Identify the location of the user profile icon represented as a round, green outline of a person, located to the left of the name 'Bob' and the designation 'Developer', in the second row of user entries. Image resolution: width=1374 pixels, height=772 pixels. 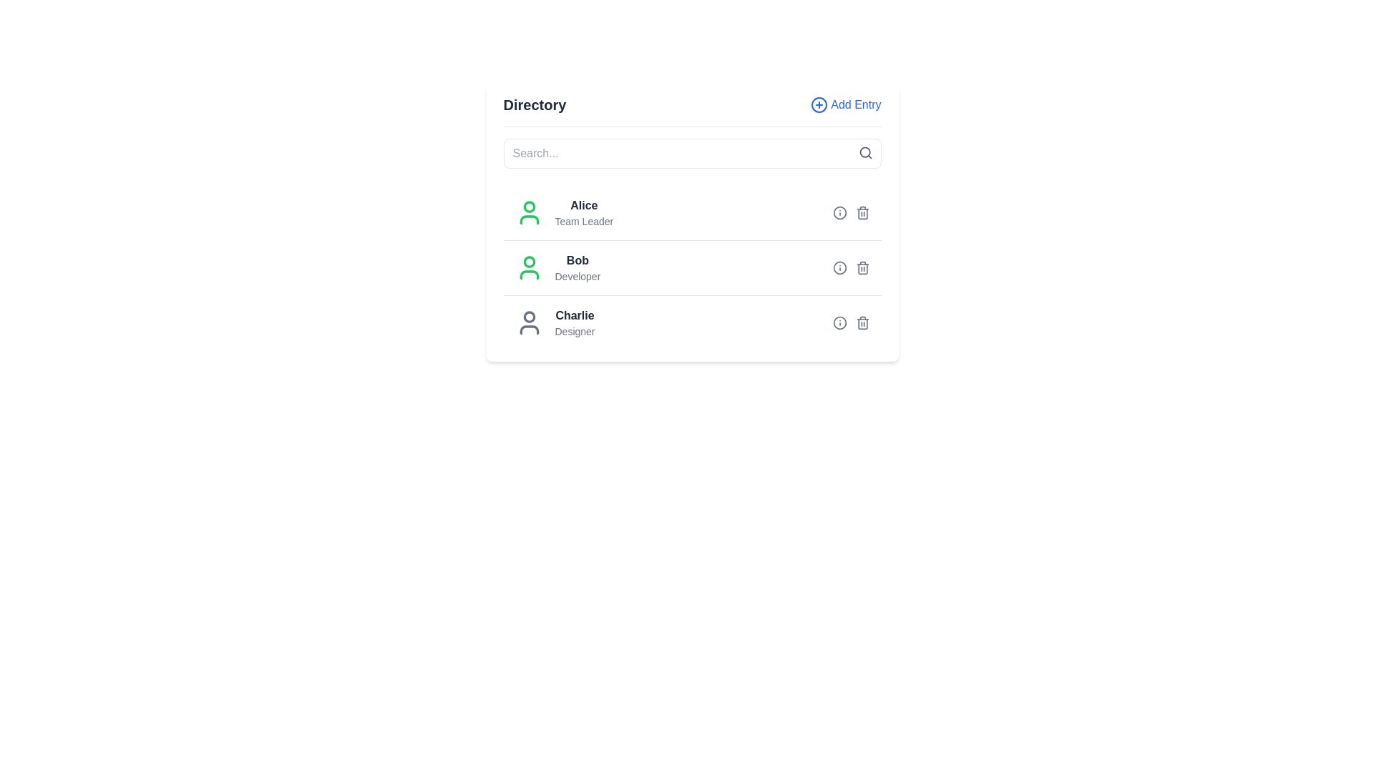
(528, 267).